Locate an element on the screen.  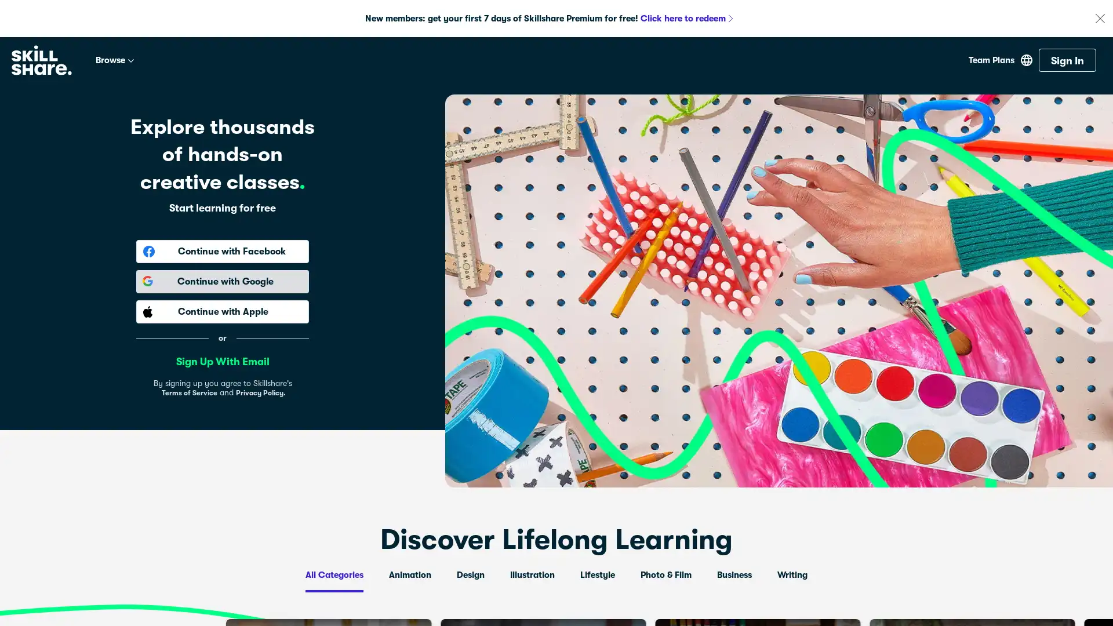
Lifestyle is located at coordinates (598, 578).